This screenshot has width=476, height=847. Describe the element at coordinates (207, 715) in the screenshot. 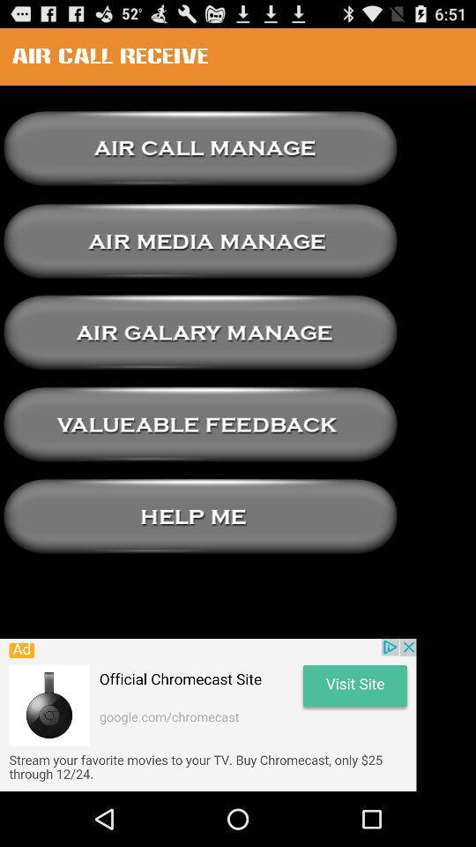

I see `the advertisement` at that location.